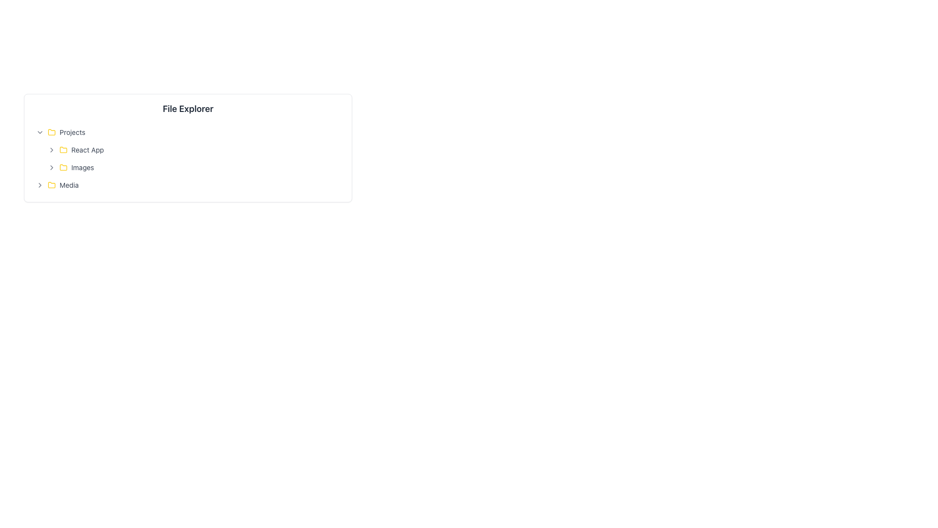 This screenshot has width=938, height=528. I want to click on to select or open the 'Images' directory located under the 'Projects' section in the file explorer, so click(194, 167).